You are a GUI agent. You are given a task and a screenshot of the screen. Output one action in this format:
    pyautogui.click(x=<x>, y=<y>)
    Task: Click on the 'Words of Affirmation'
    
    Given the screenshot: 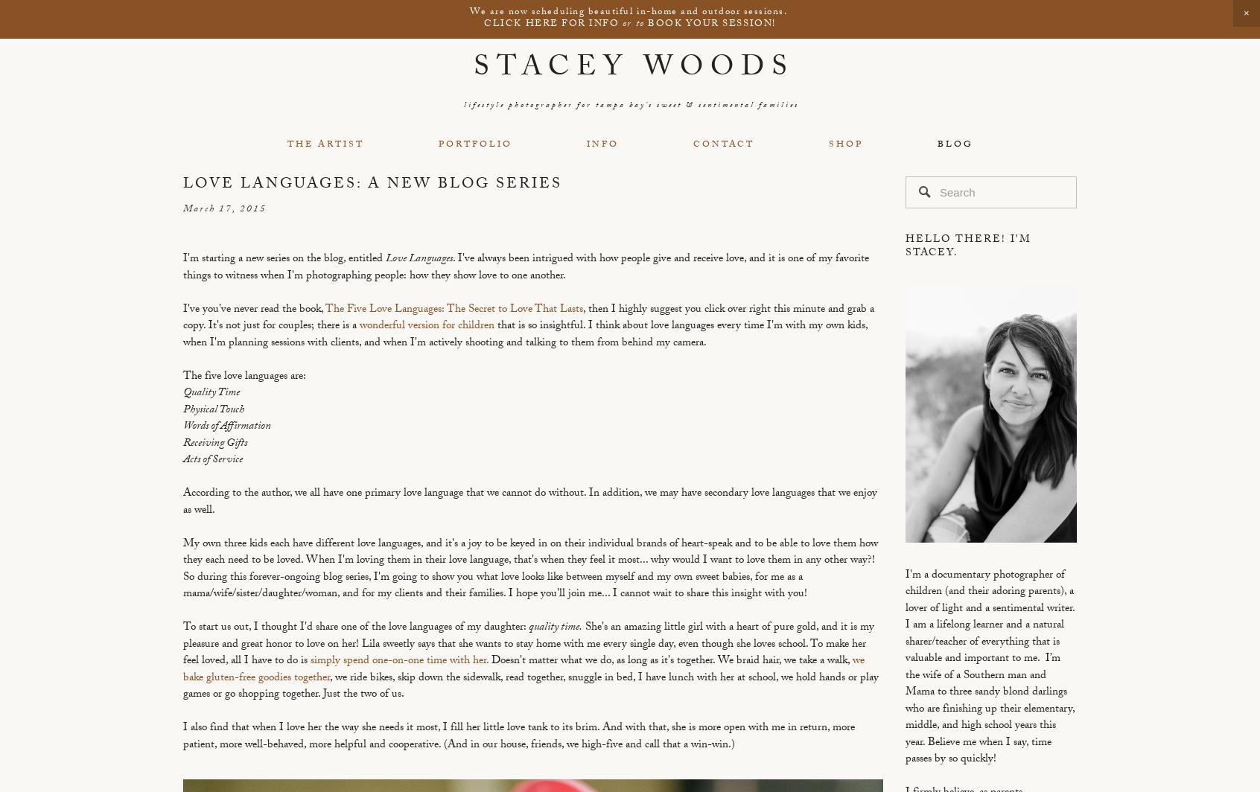 What is the action you would take?
    pyautogui.click(x=226, y=427)
    